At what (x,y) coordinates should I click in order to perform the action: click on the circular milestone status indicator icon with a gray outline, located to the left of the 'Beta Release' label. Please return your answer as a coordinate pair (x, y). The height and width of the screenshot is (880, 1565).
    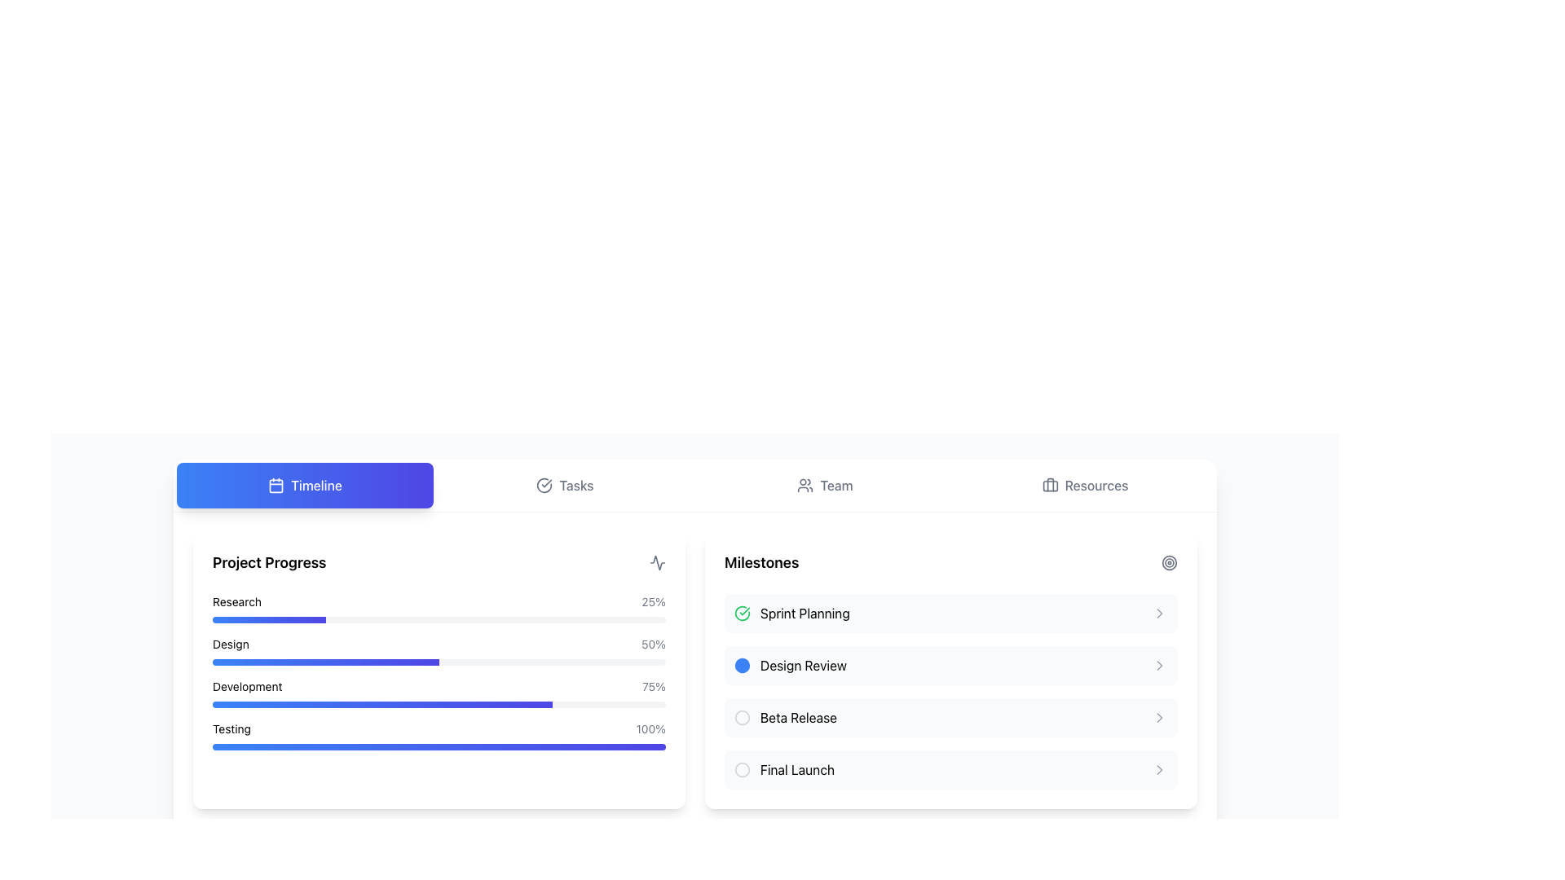
    Looking at the image, I should click on (742, 716).